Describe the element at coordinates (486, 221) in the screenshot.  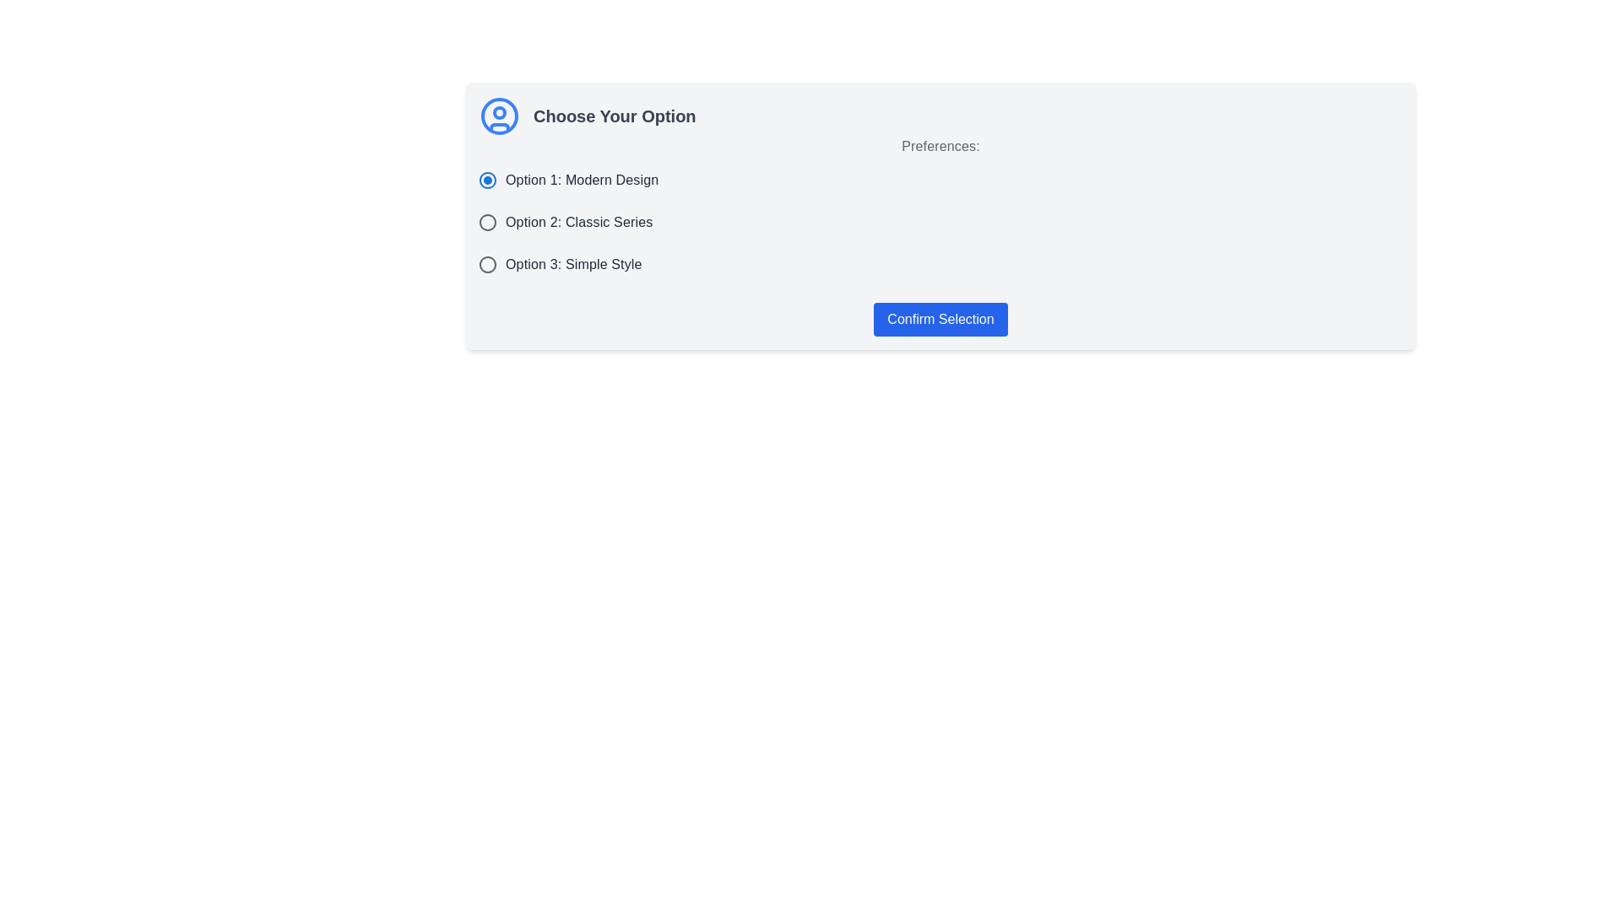
I see `the second radio button in the 'Choose Your Option' form to receive focus indication` at that location.